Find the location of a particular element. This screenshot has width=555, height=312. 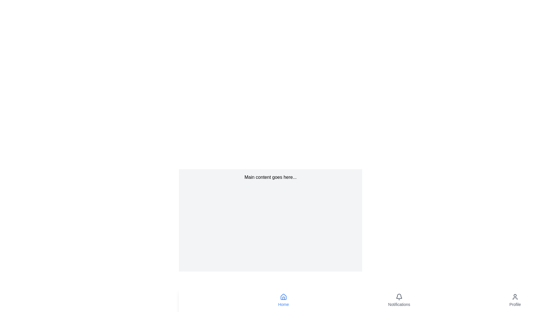

the house icon located at the bottom of the interface within the navigation bar is located at coordinates (283, 297).